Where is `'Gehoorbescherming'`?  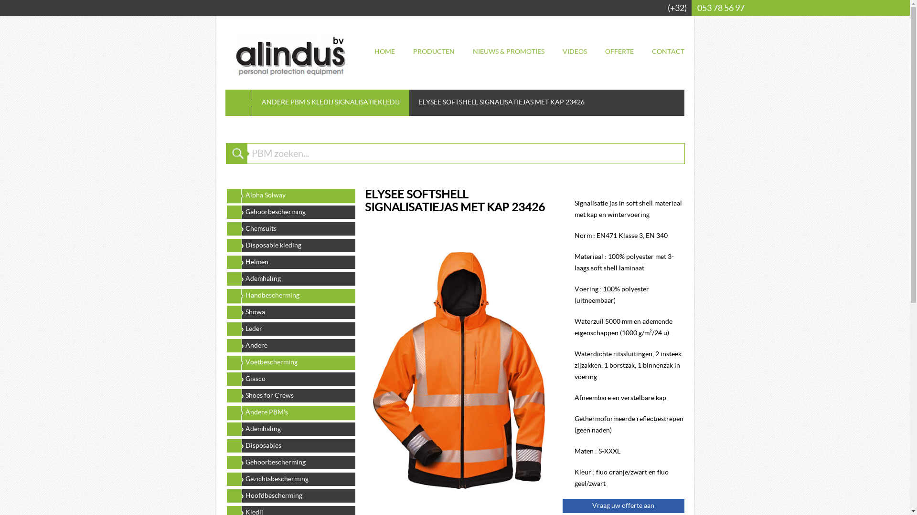
'Gehoorbescherming' is located at coordinates (289, 461).